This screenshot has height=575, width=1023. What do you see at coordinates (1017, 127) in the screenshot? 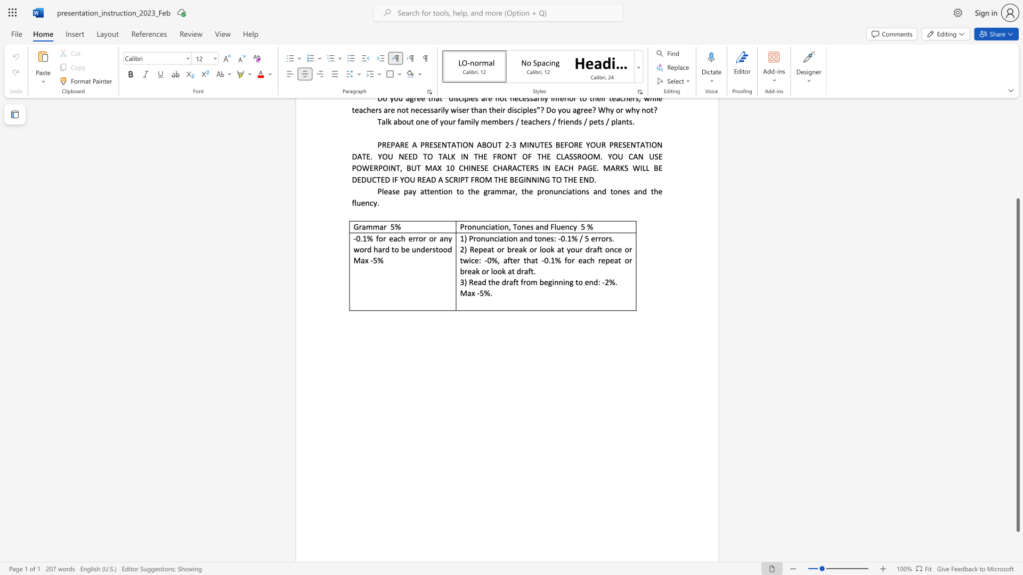
I see `the scrollbar` at bounding box center [1017, 127].